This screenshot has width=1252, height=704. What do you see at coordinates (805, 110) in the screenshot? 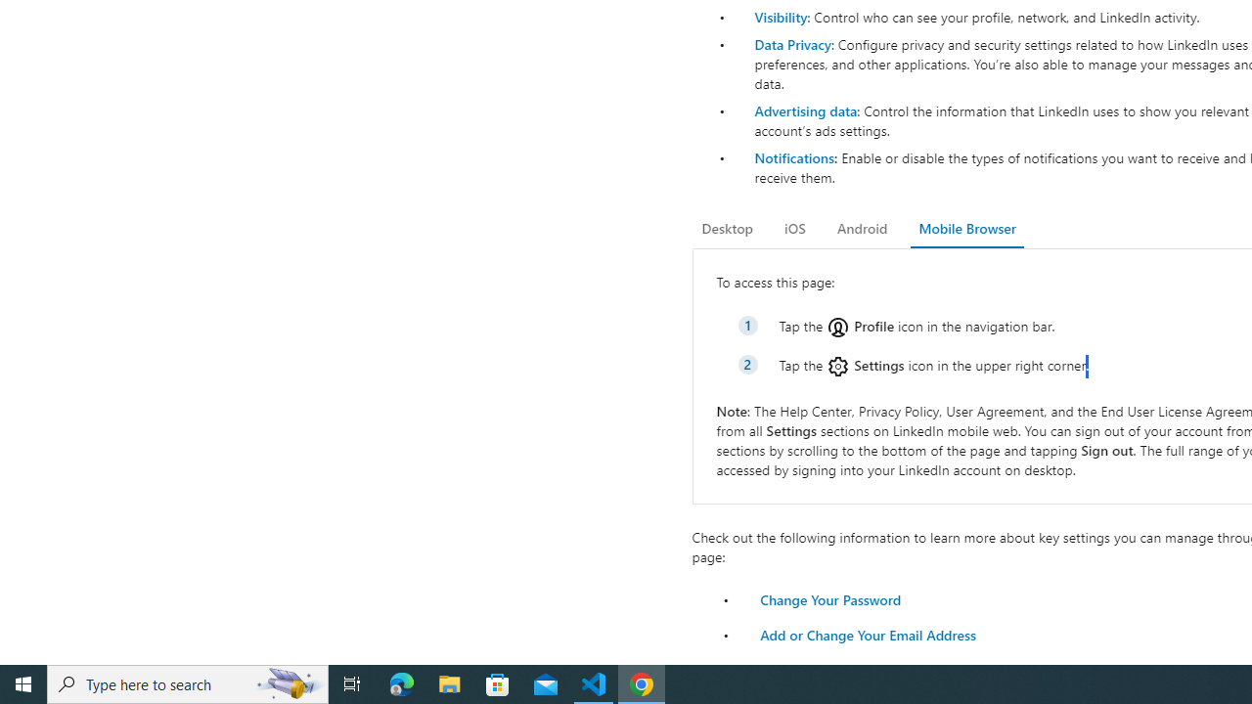
I see `'Advertising data'` at bounding box center [805, 110].